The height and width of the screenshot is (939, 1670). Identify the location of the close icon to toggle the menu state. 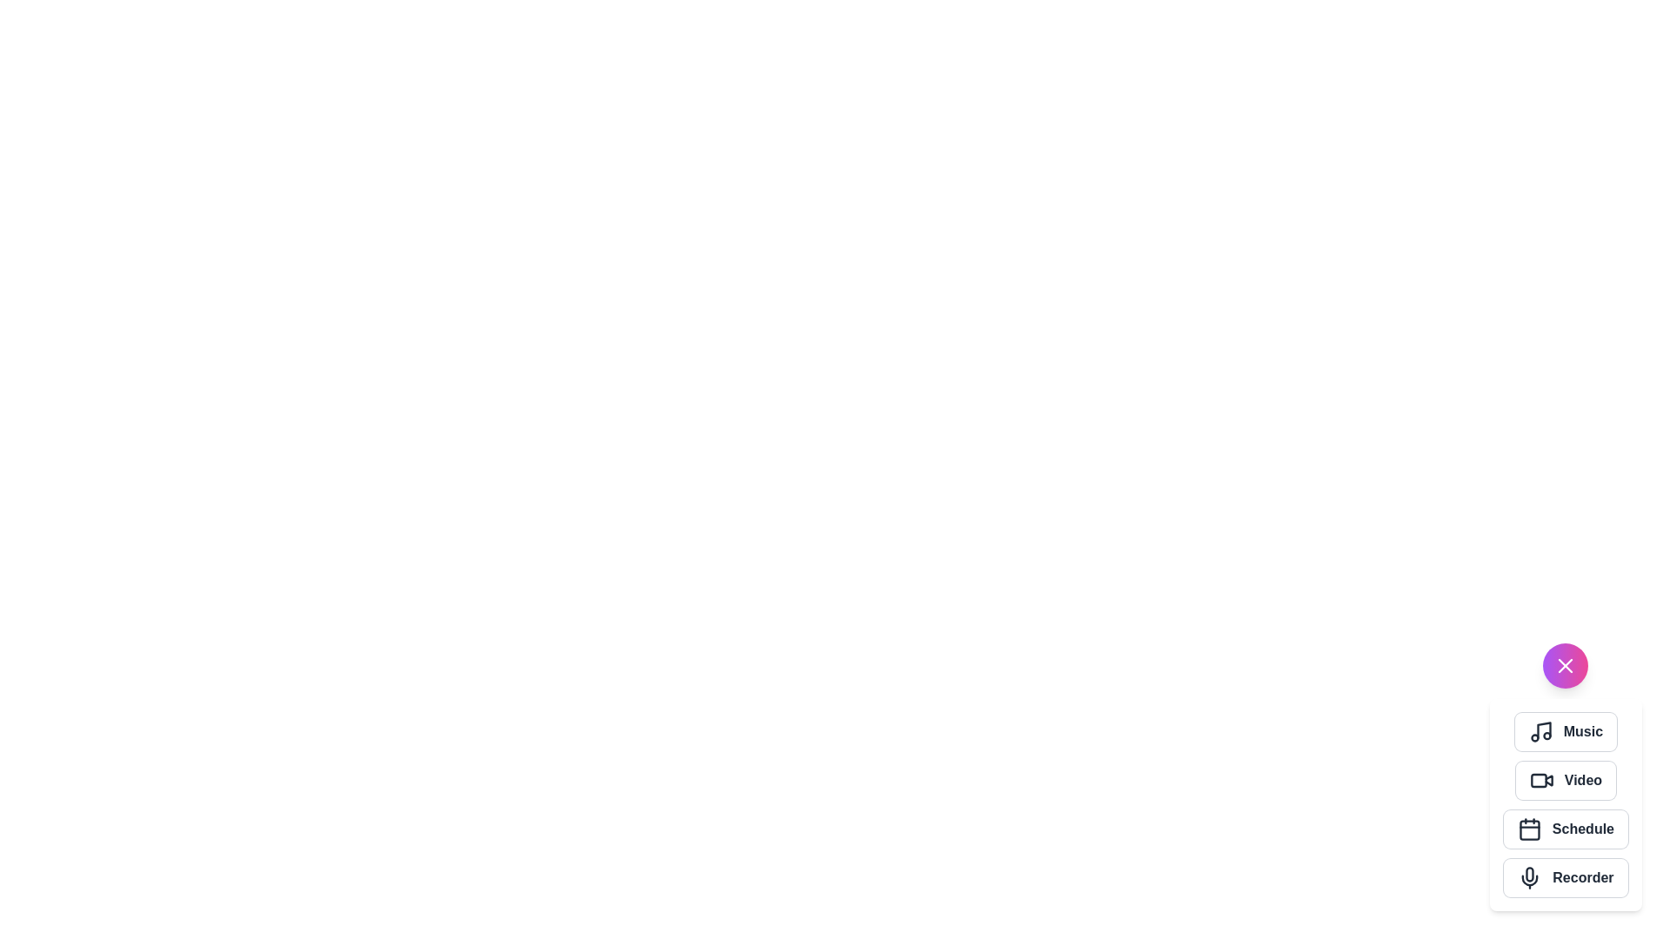
(1566, 665).